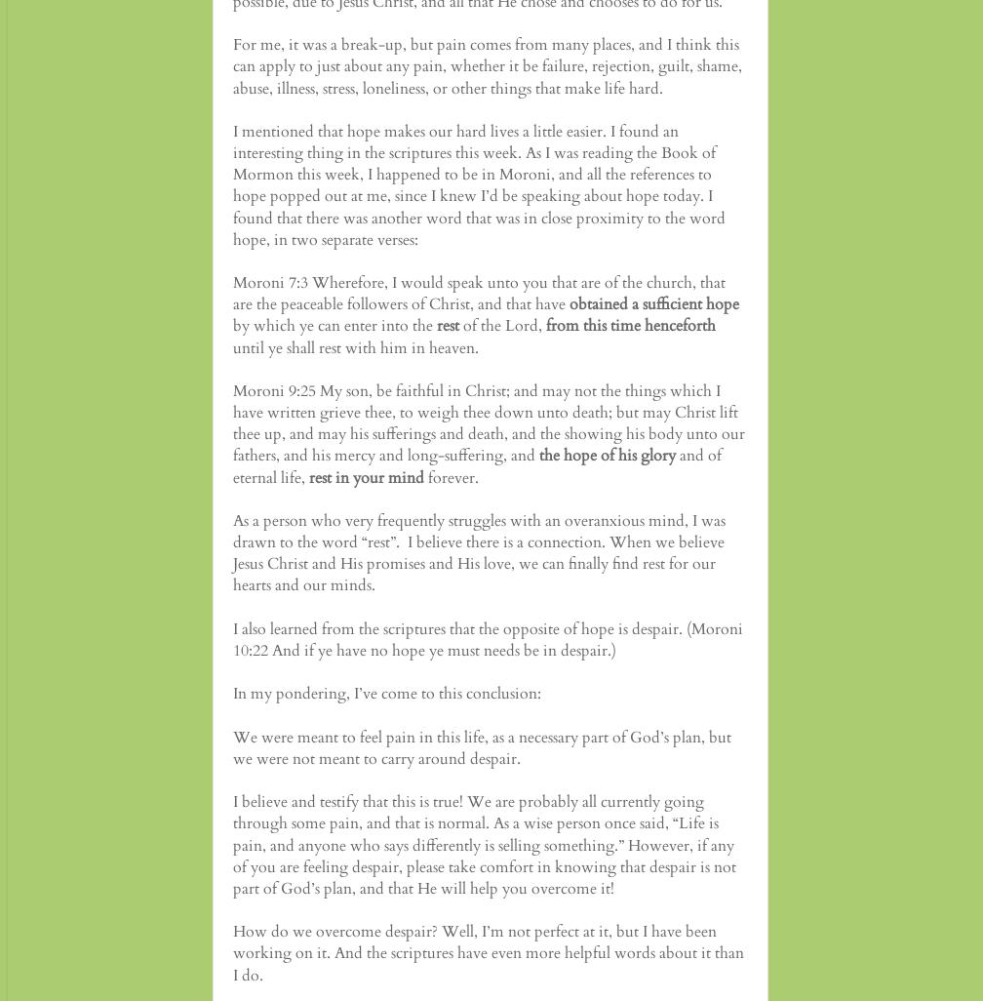 The height and width of the screenshot is (1001, 983). I want to click on 'As a person who very frequently struggles with an overanxious mind, I was drawn to the word “rest”.  I believe there is a connection. When we believe Jesus Christ and His promises and His love, we can finally find rest for our hearts and our minds.', so click(232, 551).